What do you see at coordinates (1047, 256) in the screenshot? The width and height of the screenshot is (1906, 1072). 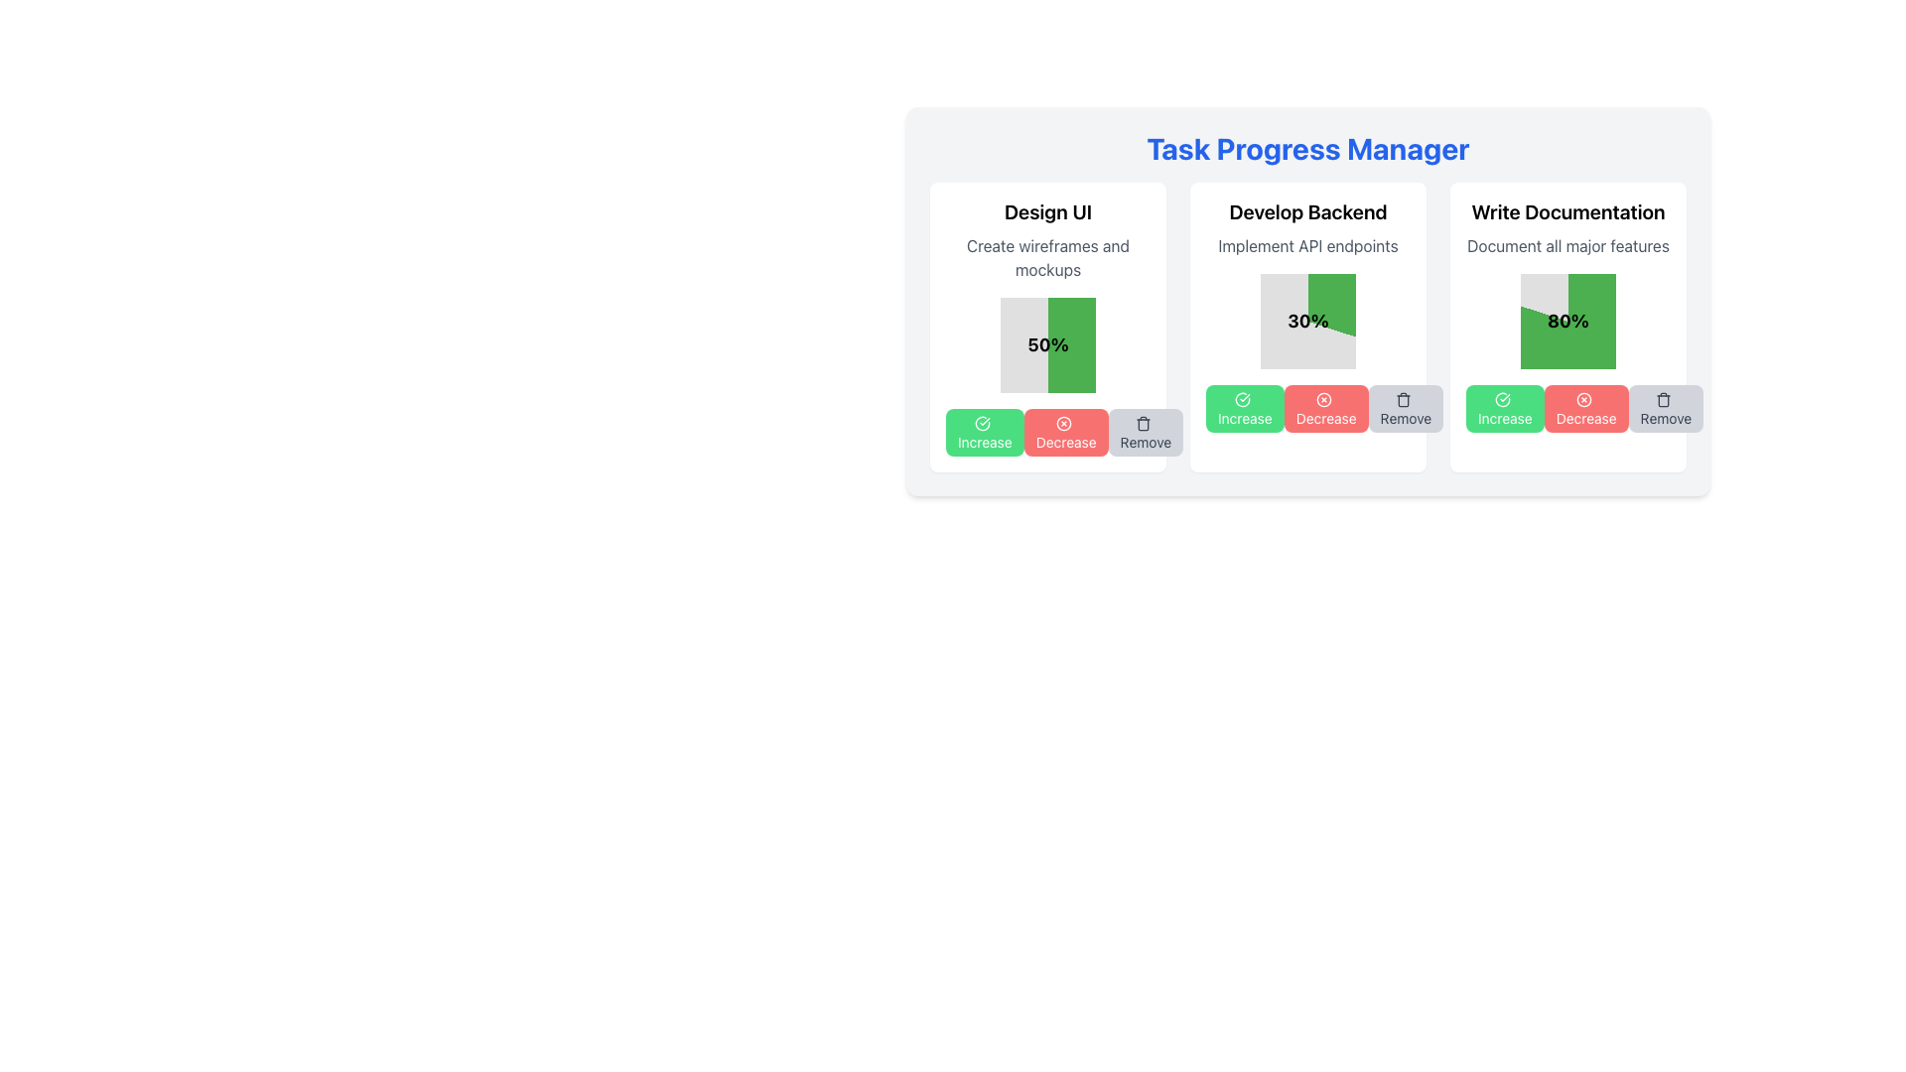 I see `the text label that describes the task related to designing user interfaces, which is located below the heading 'Design UI' and above a circular graphical representation showing '50%'` at bounding box center [1047, 256].